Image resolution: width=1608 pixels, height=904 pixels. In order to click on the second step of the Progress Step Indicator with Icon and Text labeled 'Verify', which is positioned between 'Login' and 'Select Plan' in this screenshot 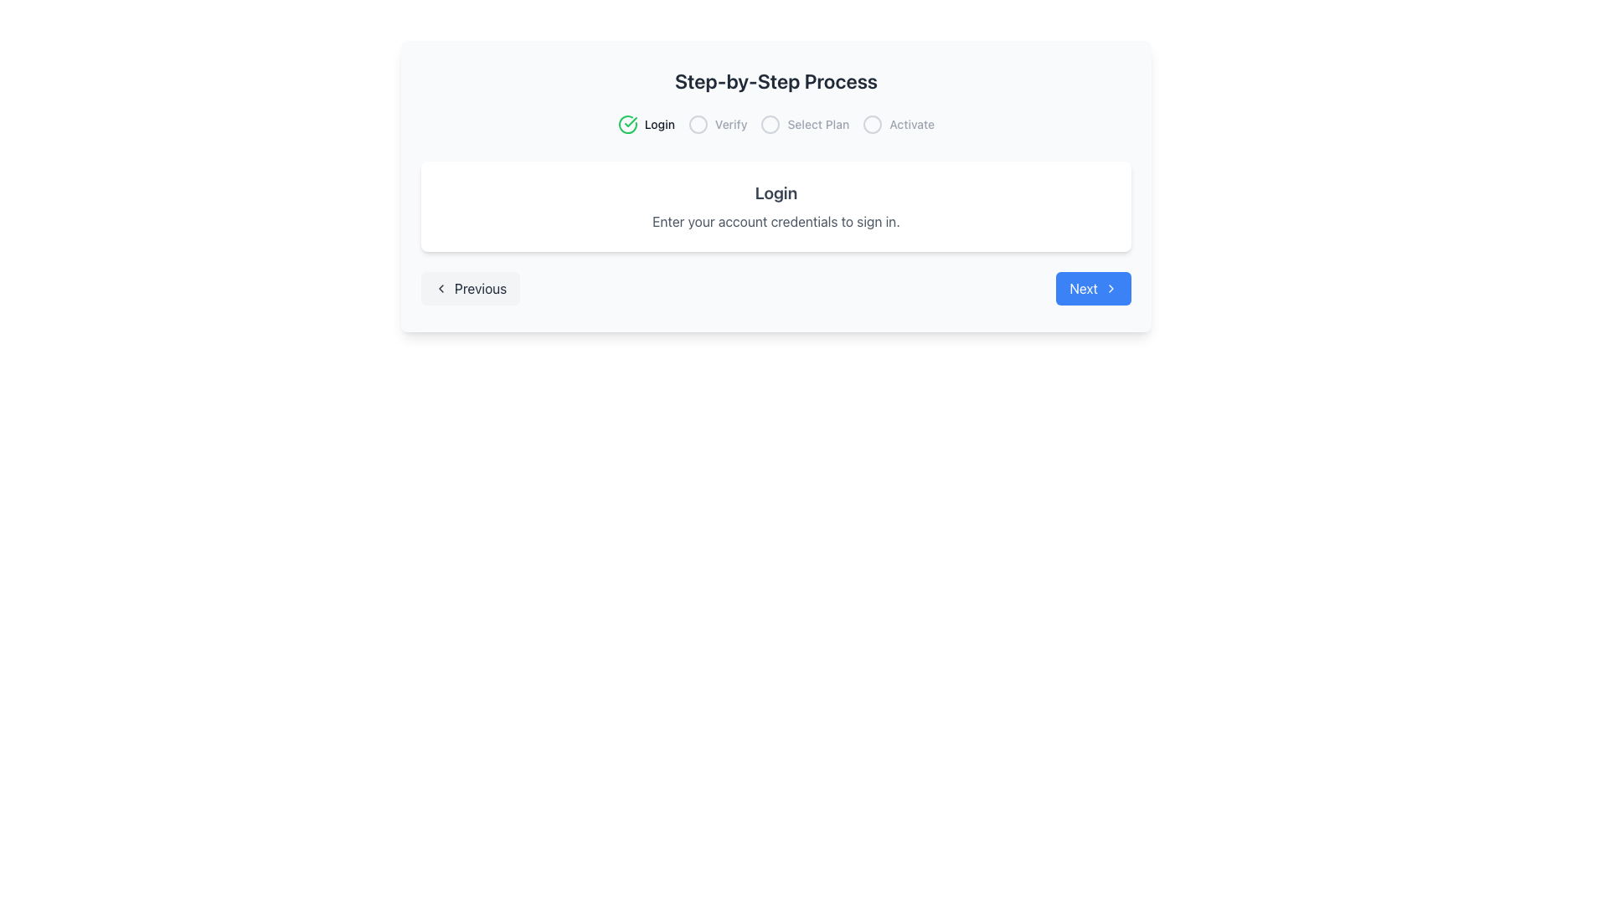, I will do `click(718, 124)`.